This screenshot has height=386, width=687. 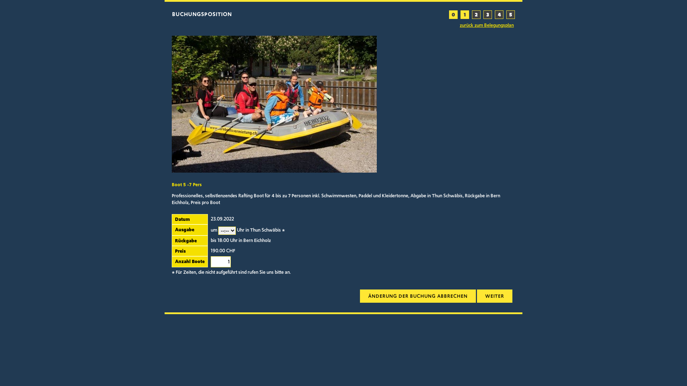 I want to click on 'weiter', so click(x=477, y=296).